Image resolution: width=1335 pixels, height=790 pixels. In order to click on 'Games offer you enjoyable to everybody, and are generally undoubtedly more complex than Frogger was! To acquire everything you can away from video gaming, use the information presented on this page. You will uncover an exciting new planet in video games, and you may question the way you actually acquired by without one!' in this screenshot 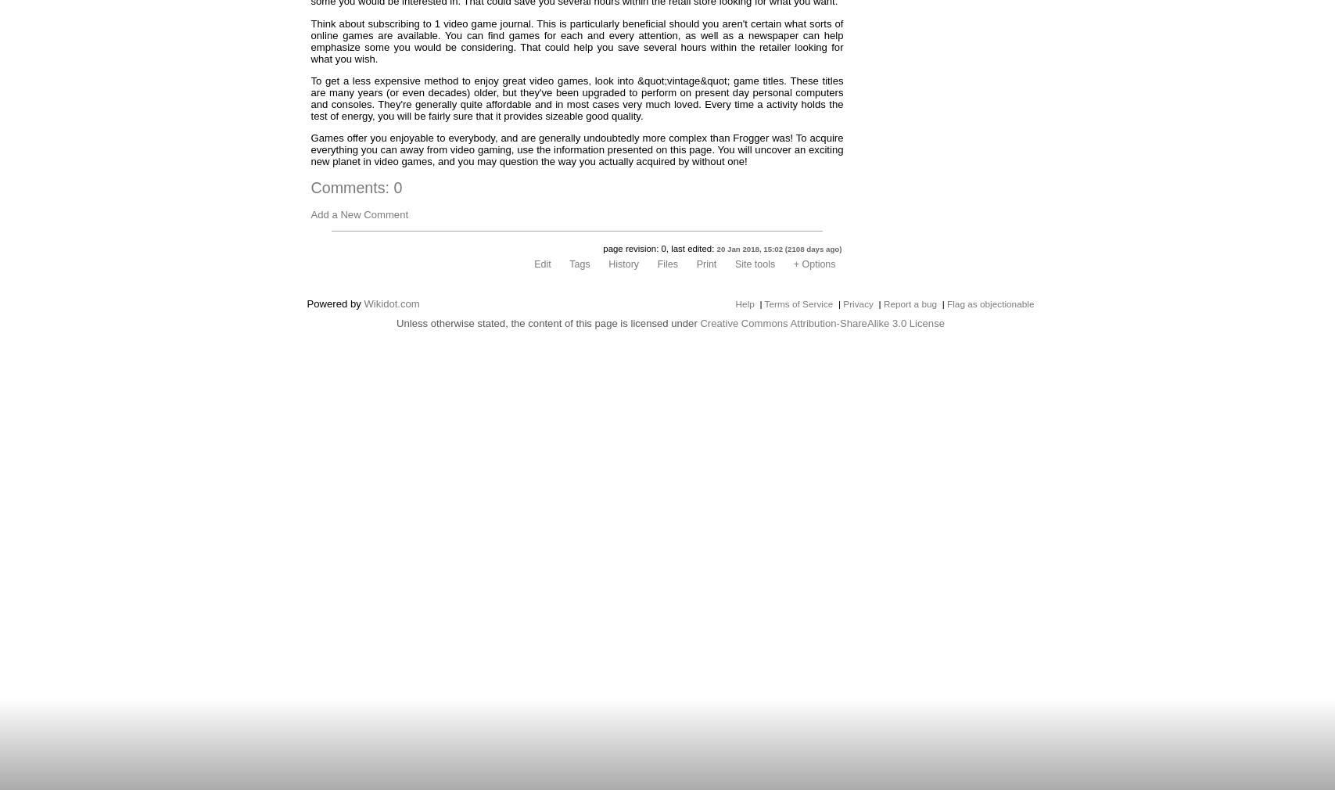, I will do `click(310, 148)`.